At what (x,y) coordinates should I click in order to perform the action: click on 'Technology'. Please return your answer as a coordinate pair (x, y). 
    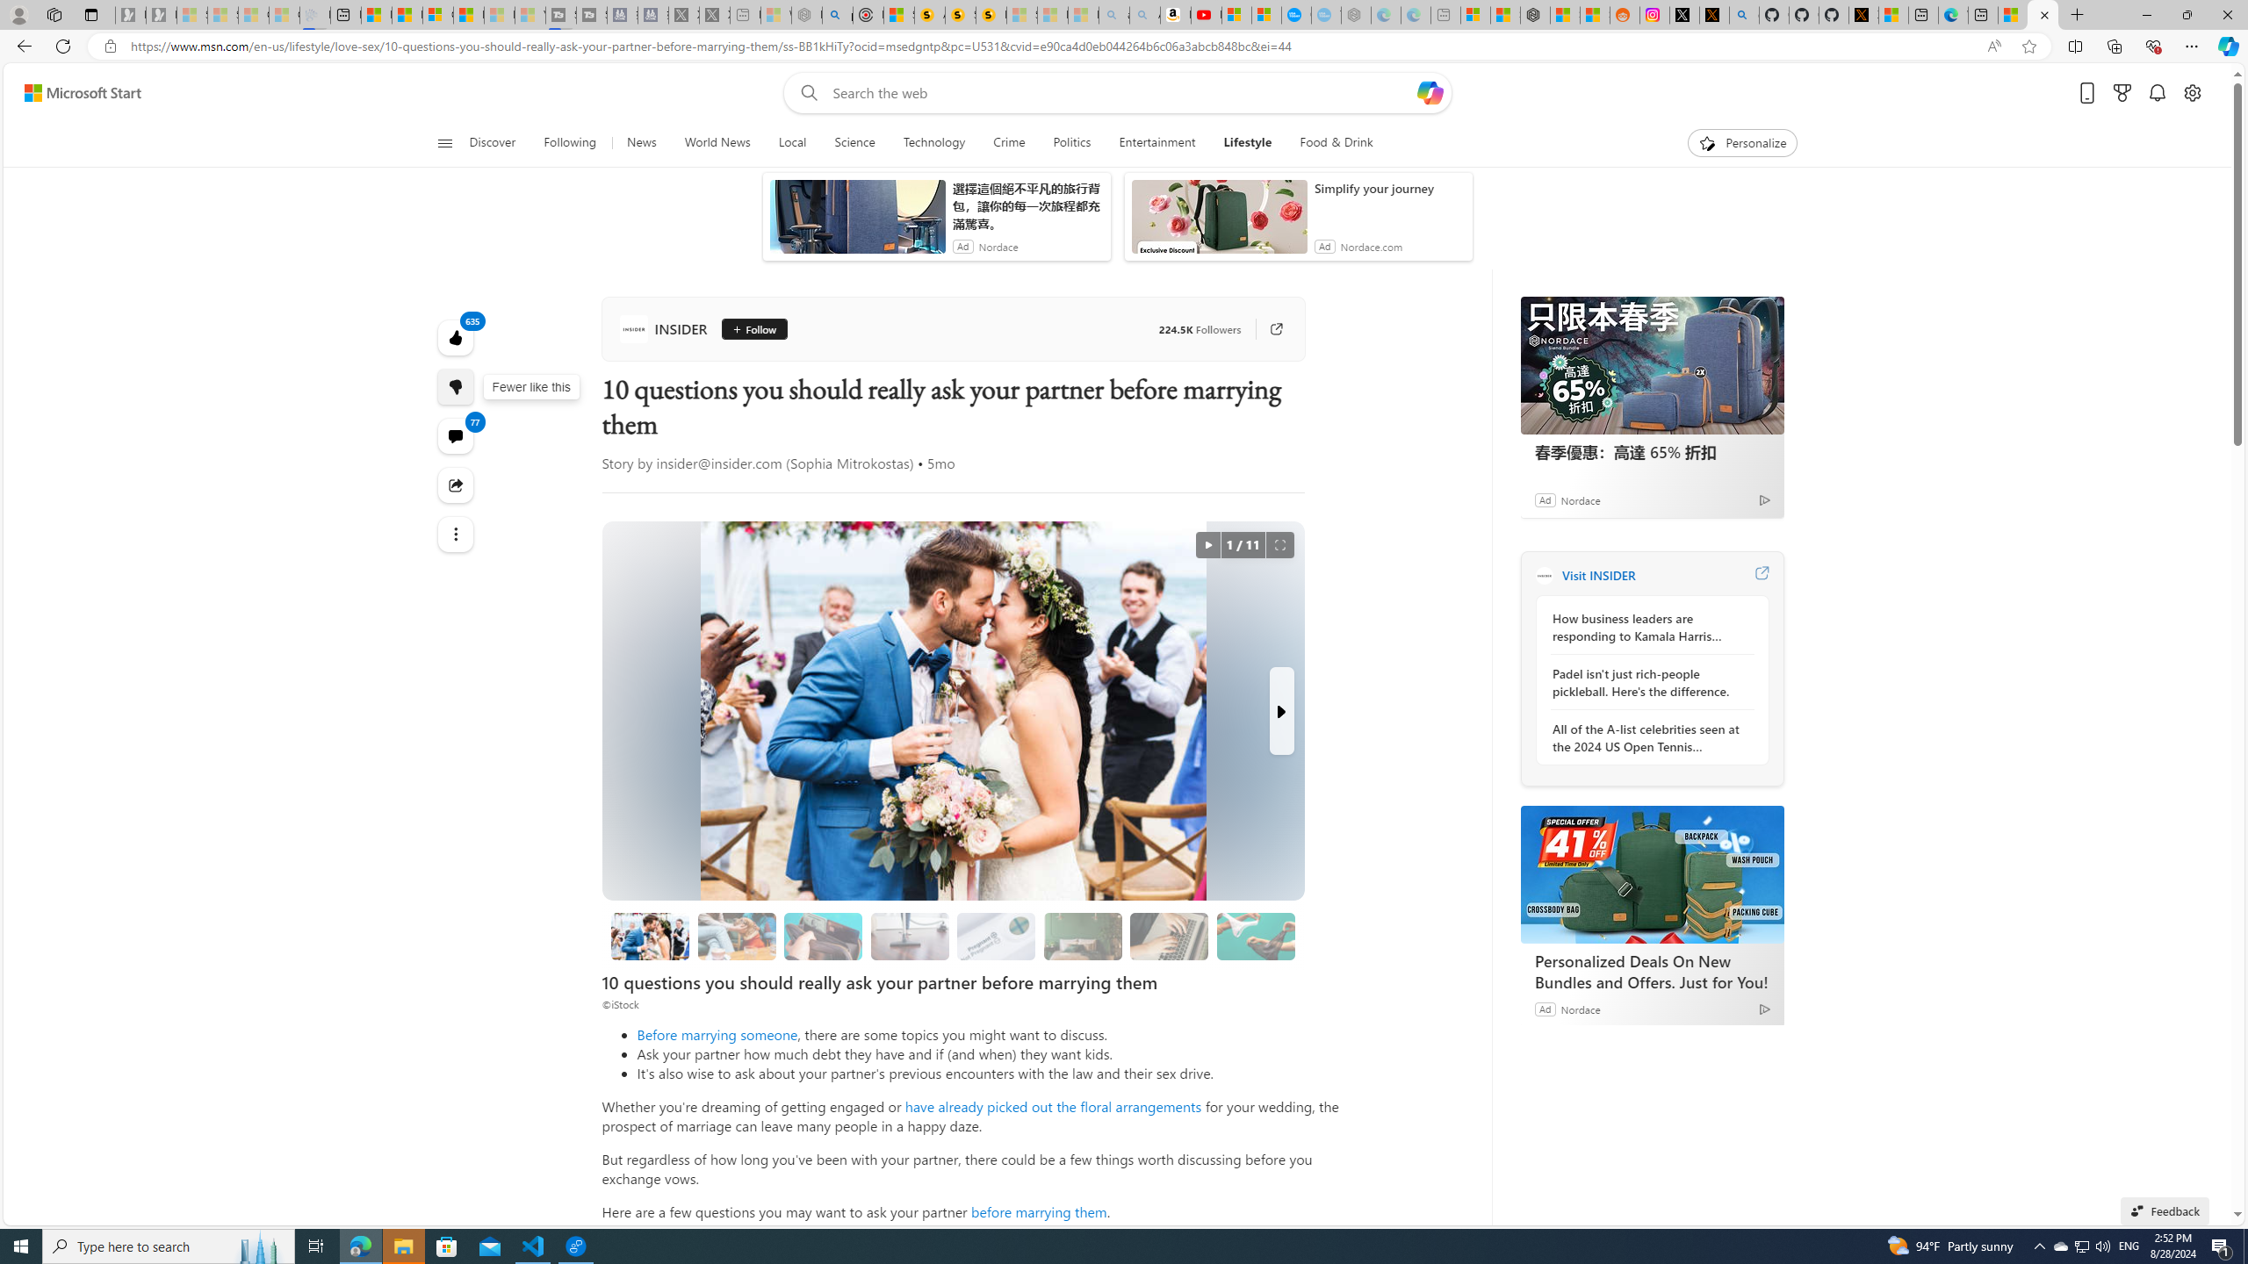
    Looking at the image, I should click on (933, 142).